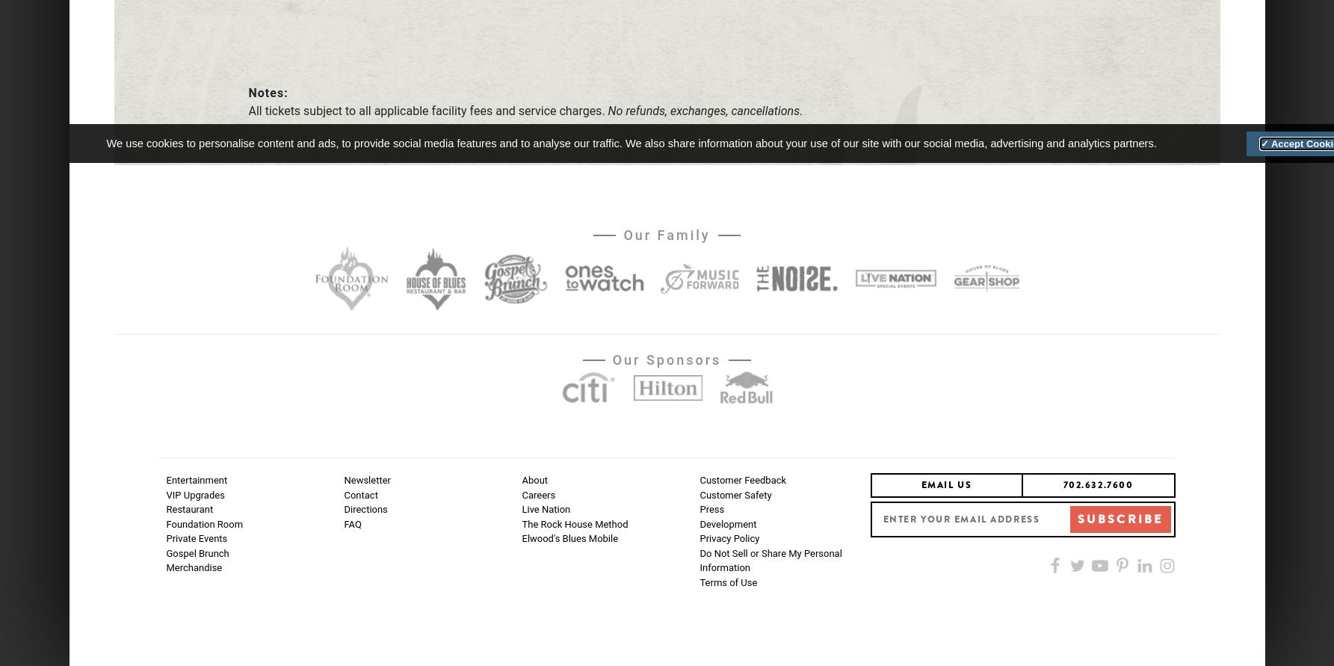 This screenshot has width=1334, height=666. I want to click on 'The Rock House Method', so click(520, 522).